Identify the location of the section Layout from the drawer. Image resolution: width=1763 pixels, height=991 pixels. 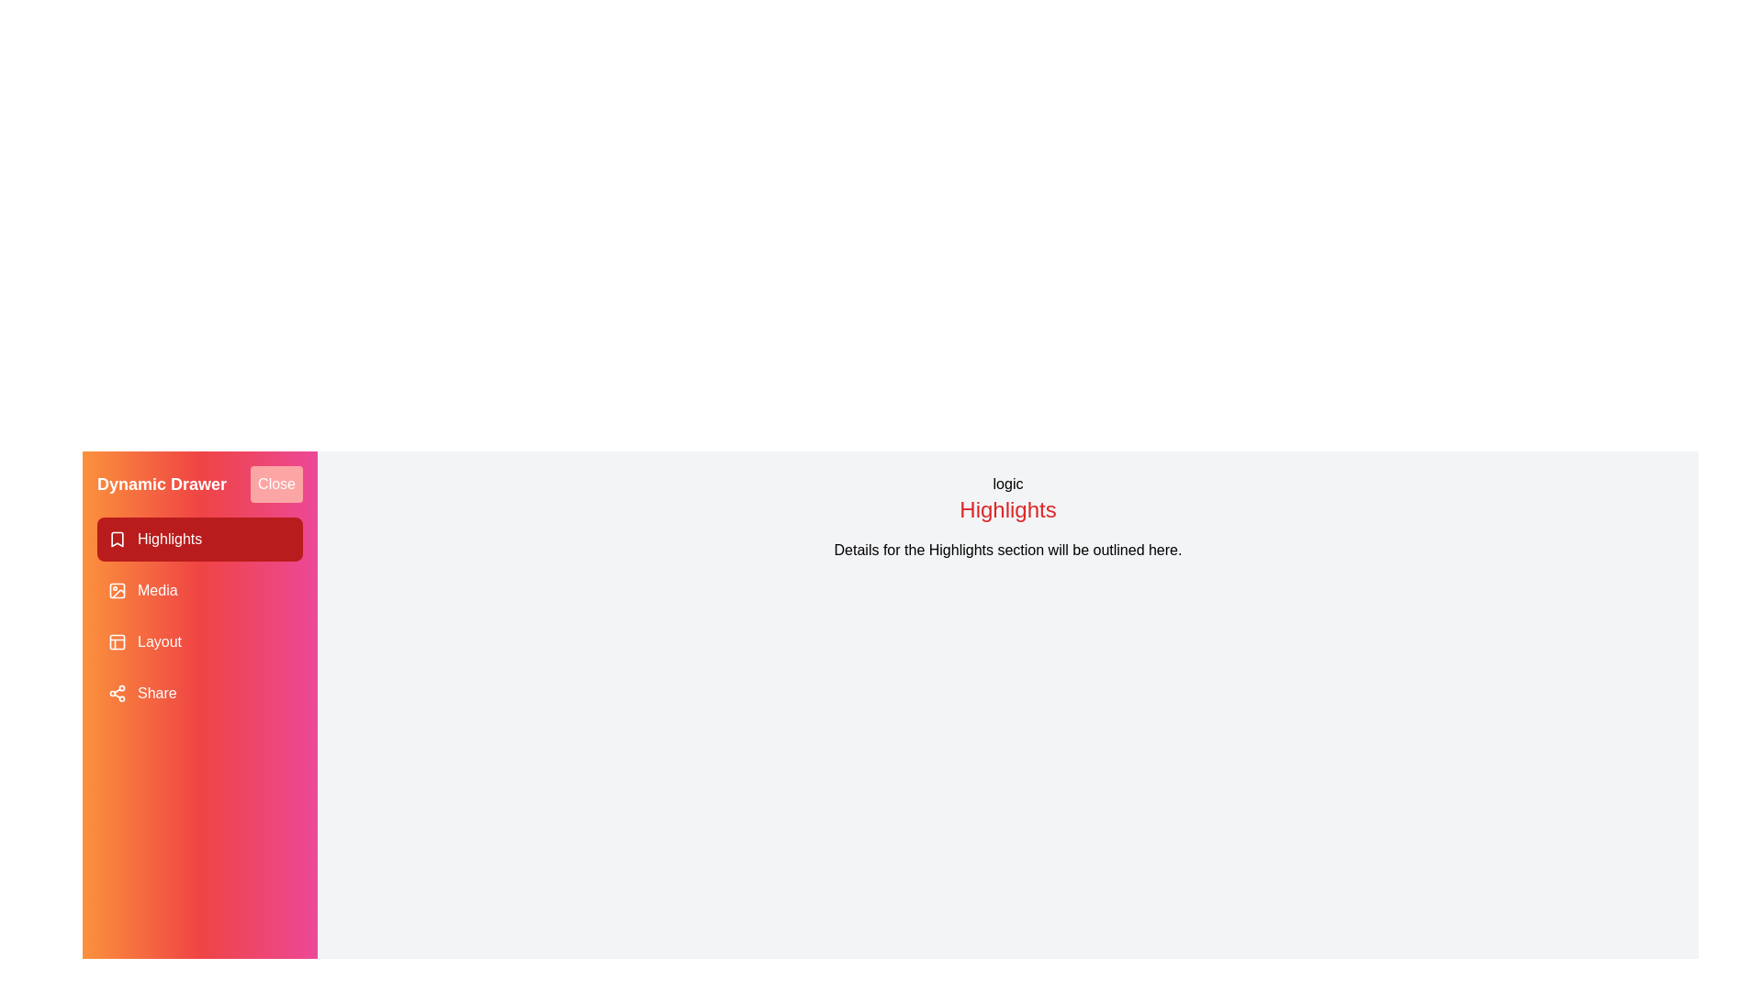
(199, 640).